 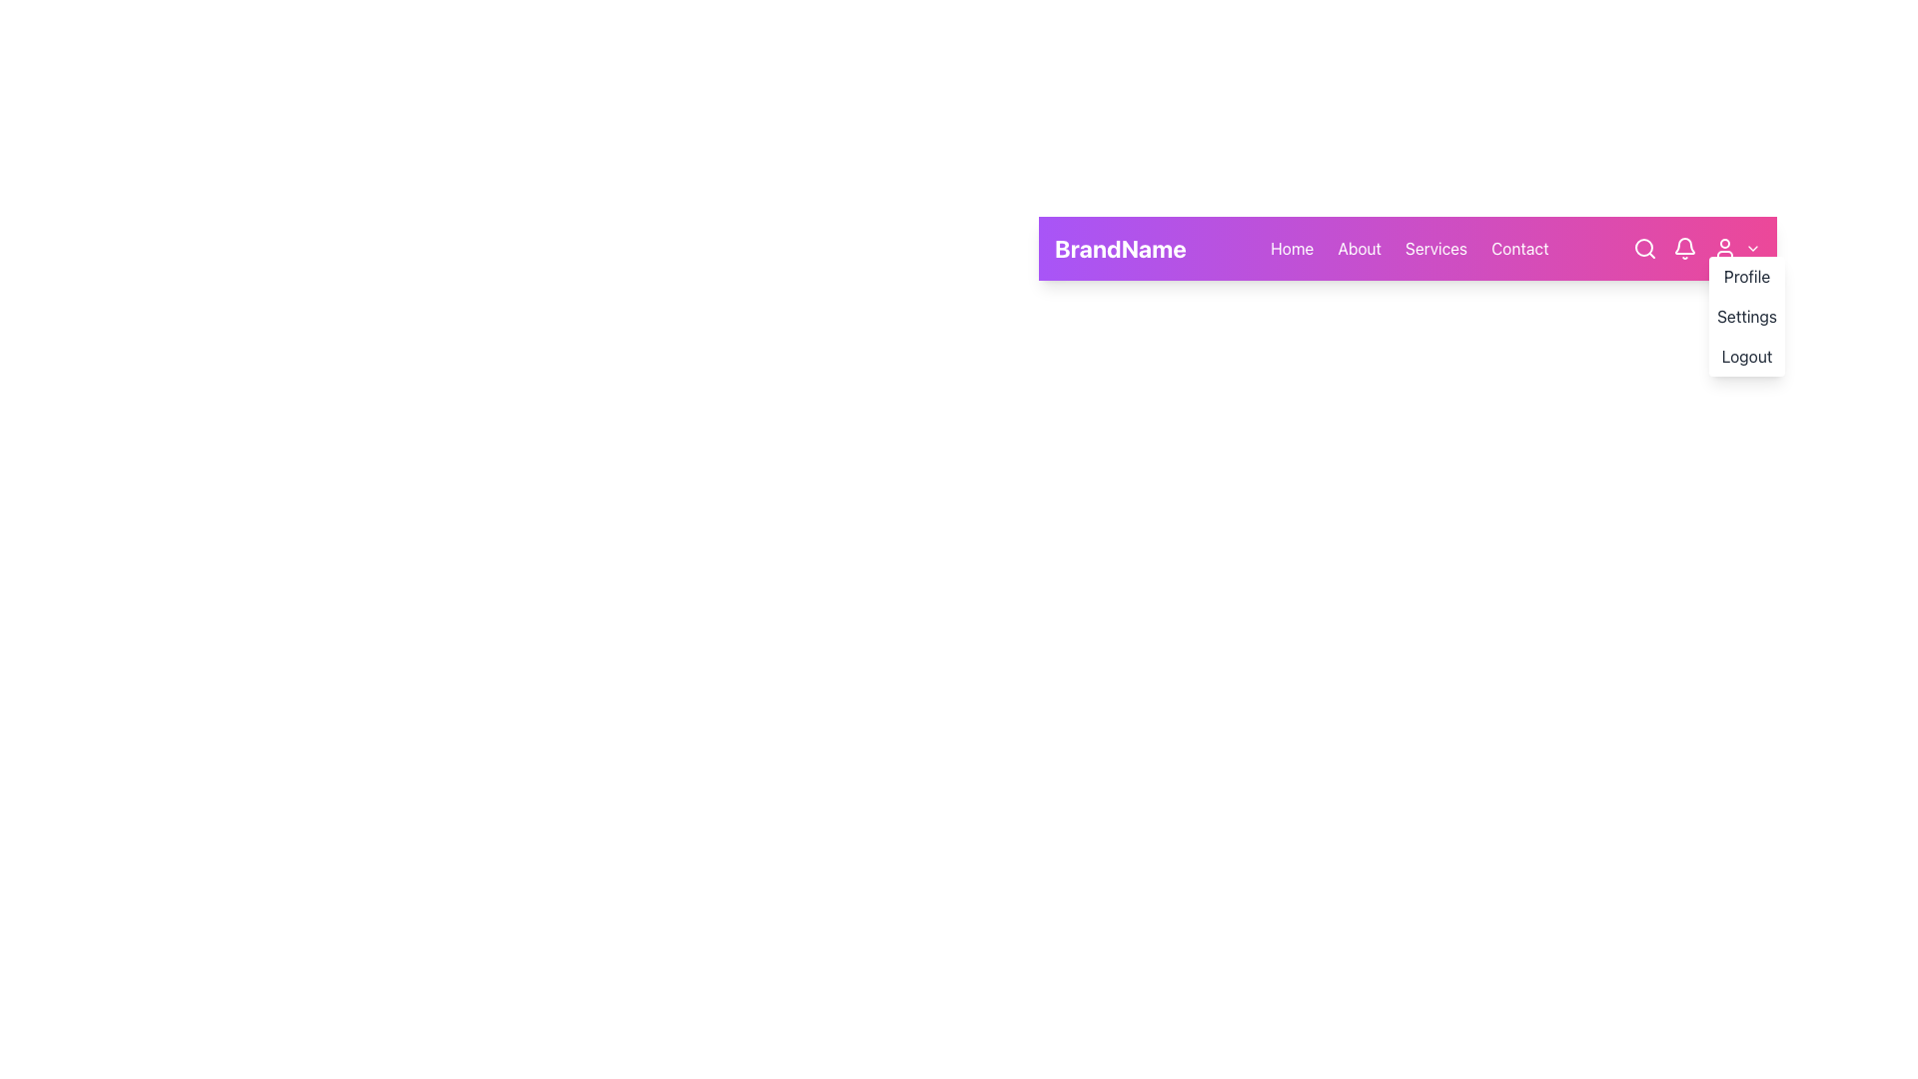 What do you see at coordinates (1409, 248) in the screenshot?
I see `the Navbar navigation section` at bounding box center [1409, 248].